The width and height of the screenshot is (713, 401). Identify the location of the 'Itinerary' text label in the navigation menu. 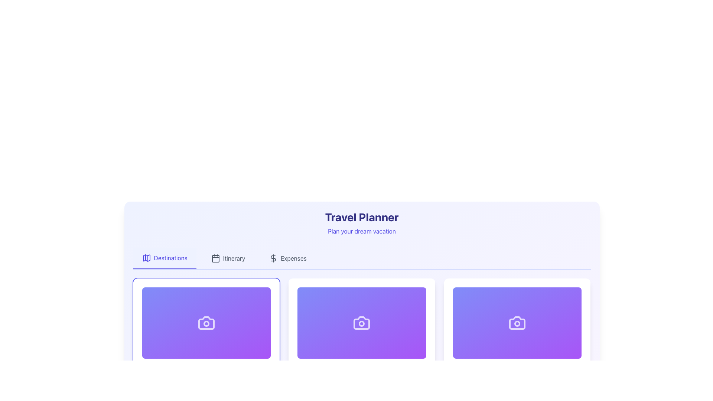
(234, 258).